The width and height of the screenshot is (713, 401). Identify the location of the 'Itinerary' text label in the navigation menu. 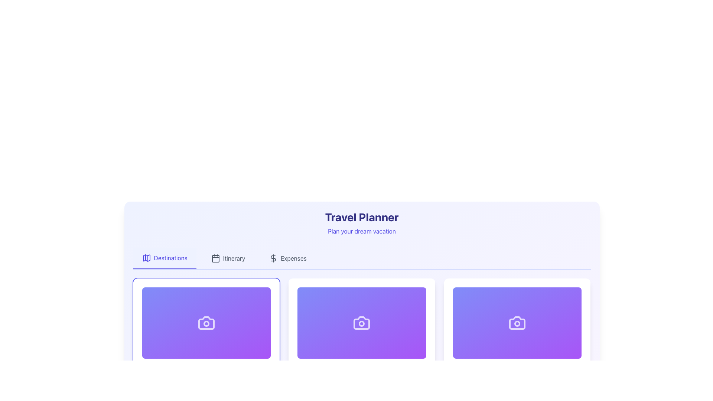
(234, 258).